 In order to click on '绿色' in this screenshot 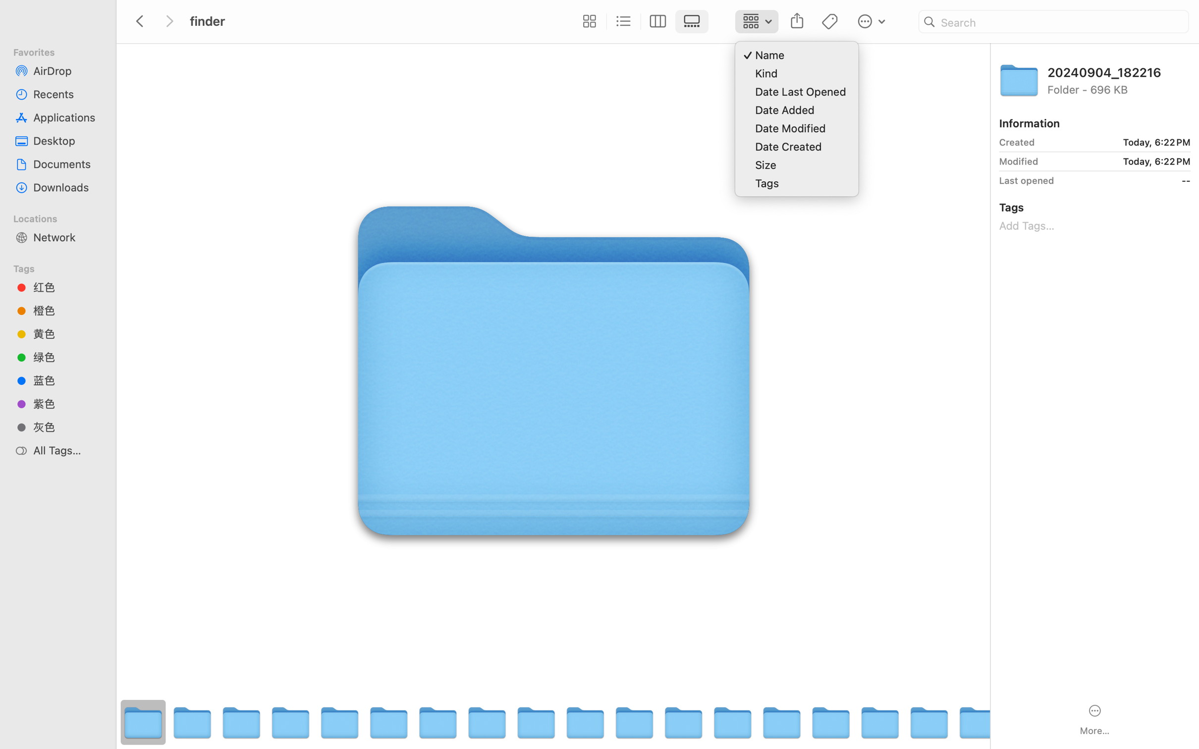, I will do `click(66, 357)`.